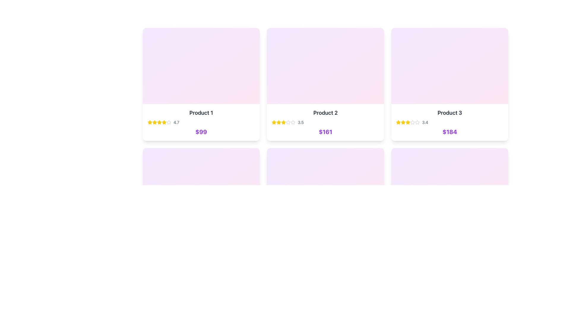 This screenshot has width=570, height=321. I want to click on the second star icon in the 5-star rating system below the 'Product 3' label to alter the rating, so click(417, 122).